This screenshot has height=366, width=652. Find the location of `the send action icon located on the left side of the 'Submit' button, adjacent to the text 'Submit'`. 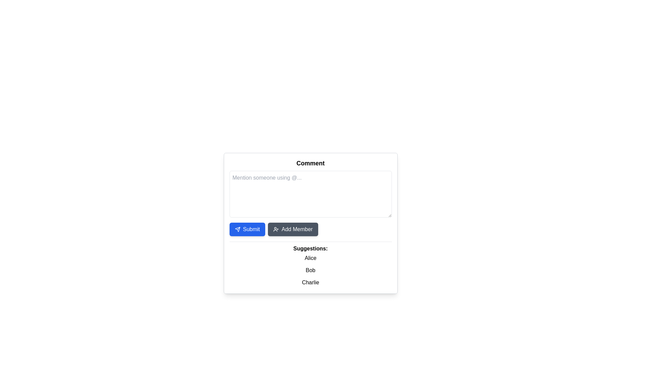

the send action icon located on the left side of the 'Submit' button, adjacent to the text 'Submit' is located at coordinates (237, 229).